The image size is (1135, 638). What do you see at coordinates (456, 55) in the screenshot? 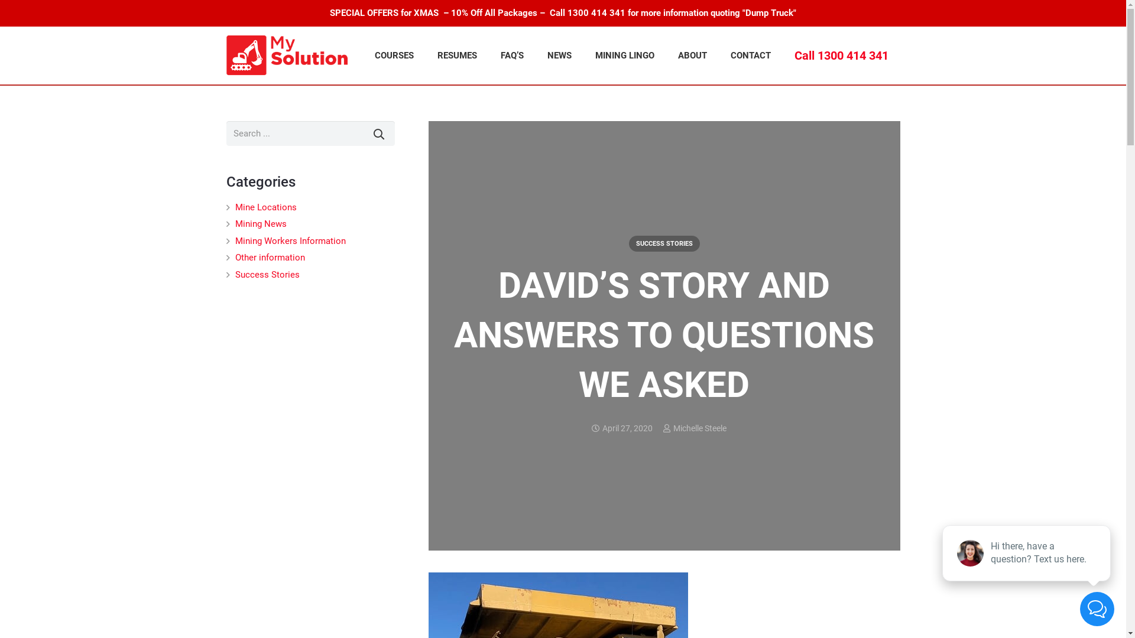
I see `'RESUMES'` at bounding box center [456, 55].